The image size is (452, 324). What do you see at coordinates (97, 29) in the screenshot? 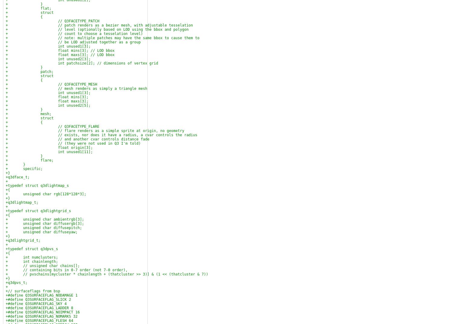
I see `'+                       // level (optionally based on LOD using the bbox and polygon'` at bounding box center [97, 29].